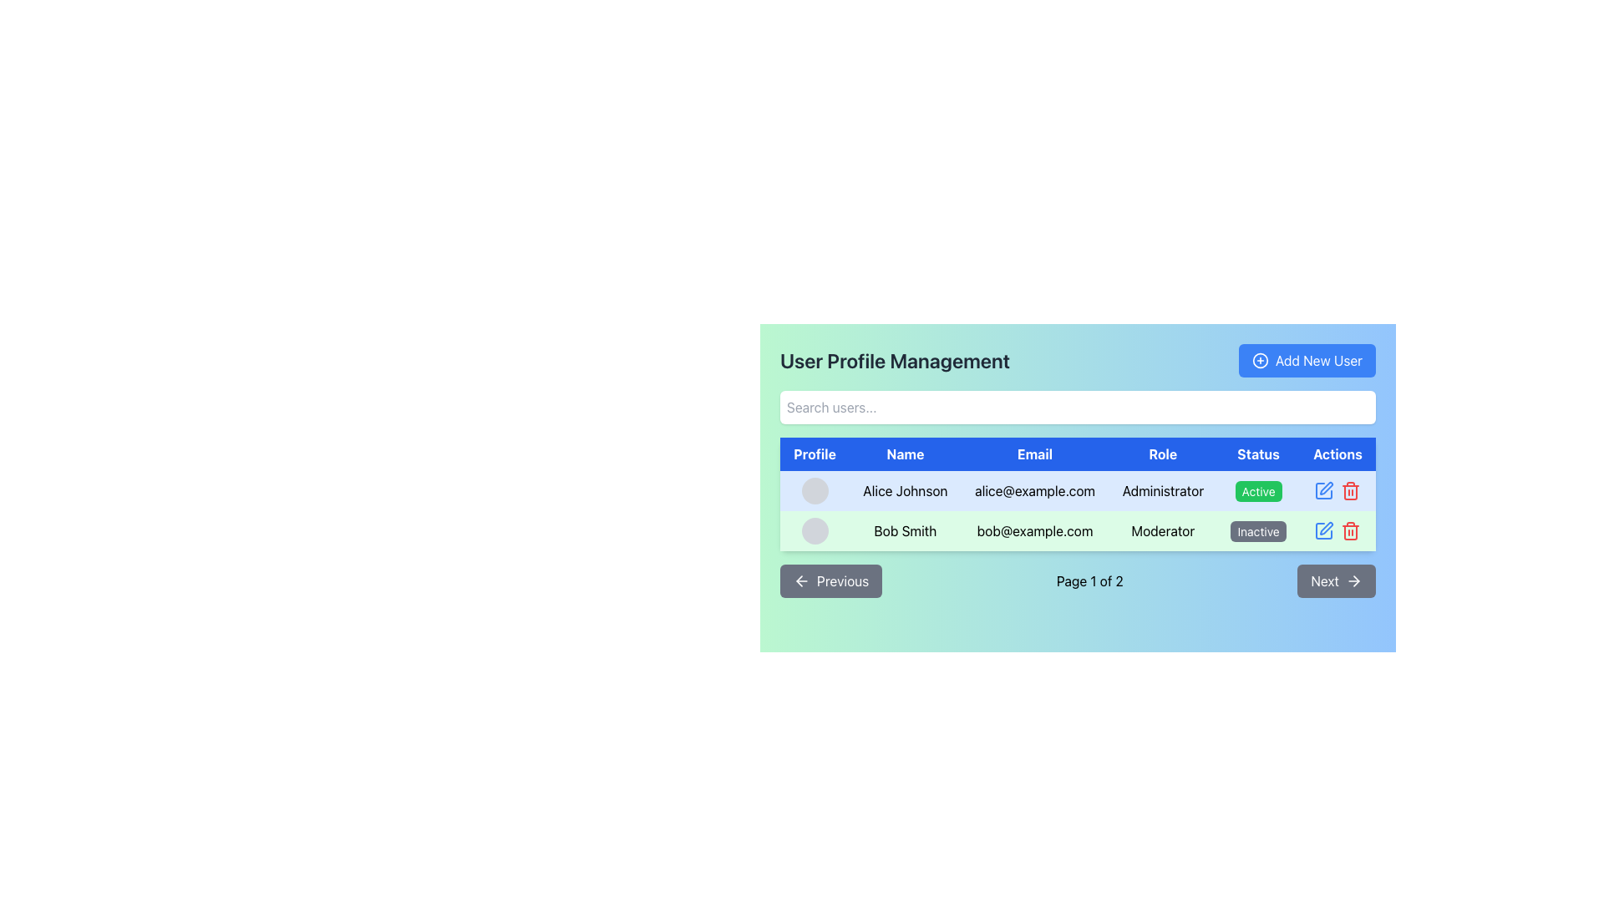 This screenshot has height=902, width=1604. I want to click on the left-pointing arrow icon within the 'Previous' button located at the bottom left of the page to trigger any hover effects, so click(802, 580).